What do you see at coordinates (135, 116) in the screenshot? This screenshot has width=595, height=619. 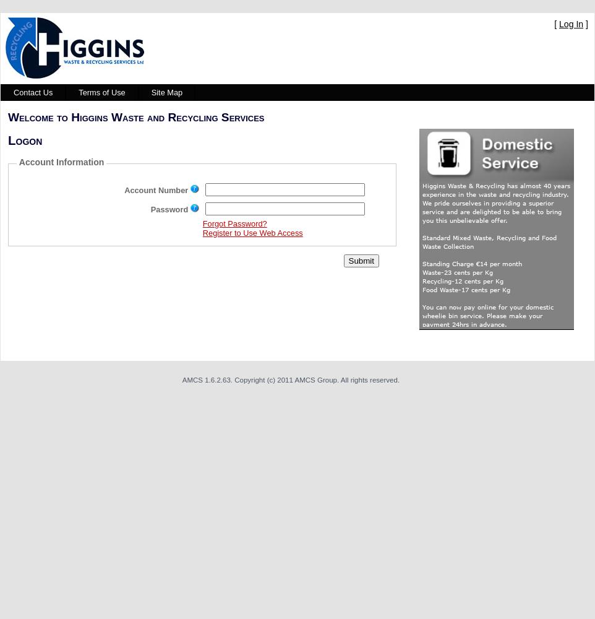 I see `'Welcome to Higgins Waste and Recycling Services'` at bounding box center [135, 116].